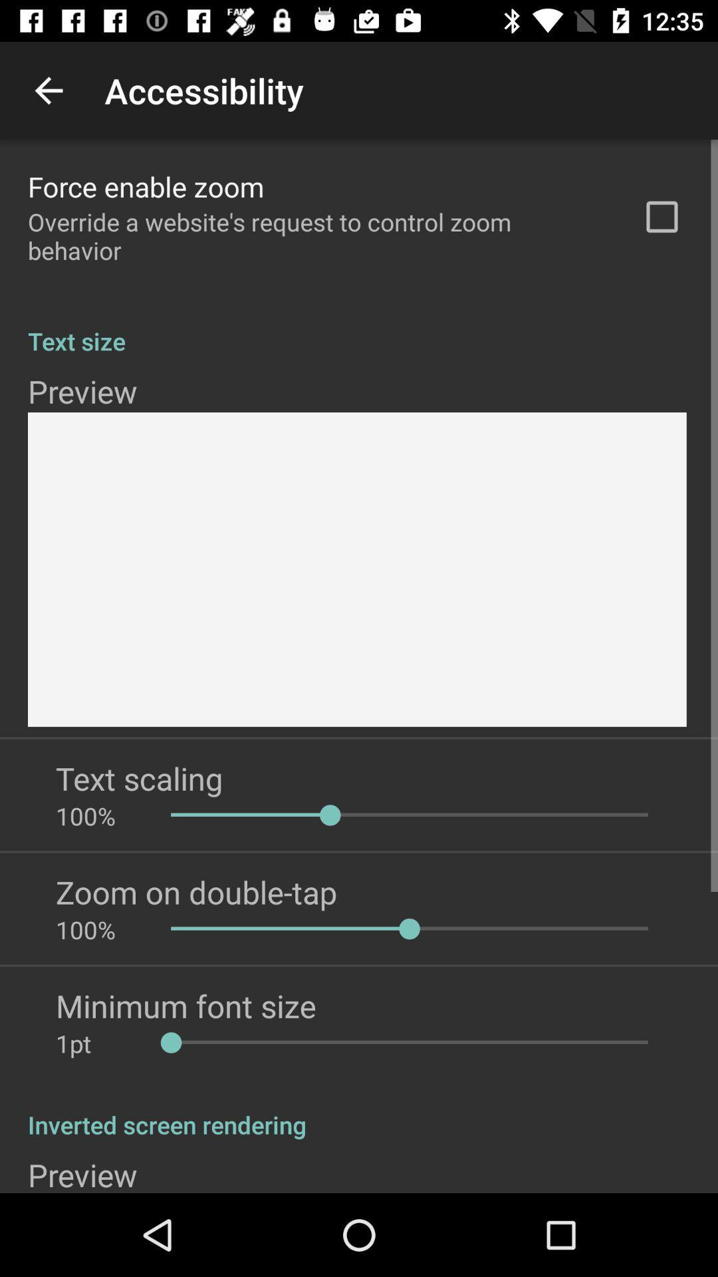 This screenshot has width=718, height=1277. What do you see at coordinates (185, 1006) in the screenshot?
I see `app below the 100% app` at bounding box center [185, 1006].